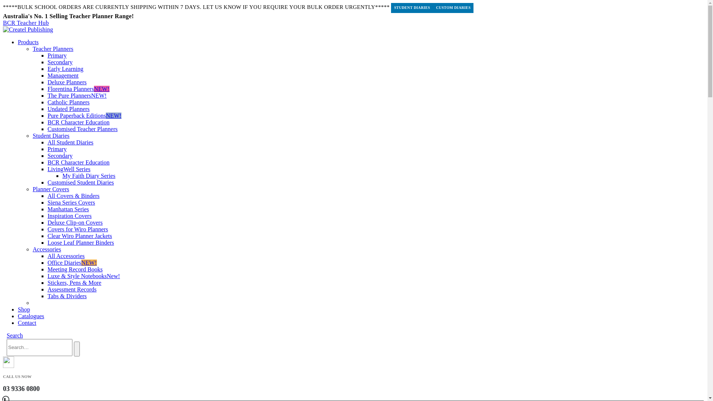 This screenshot has width=713, height=401. What do you see at coordinates (63, 75) in the screenshot?
I see `'Management'` at bounding box center [63, 75].